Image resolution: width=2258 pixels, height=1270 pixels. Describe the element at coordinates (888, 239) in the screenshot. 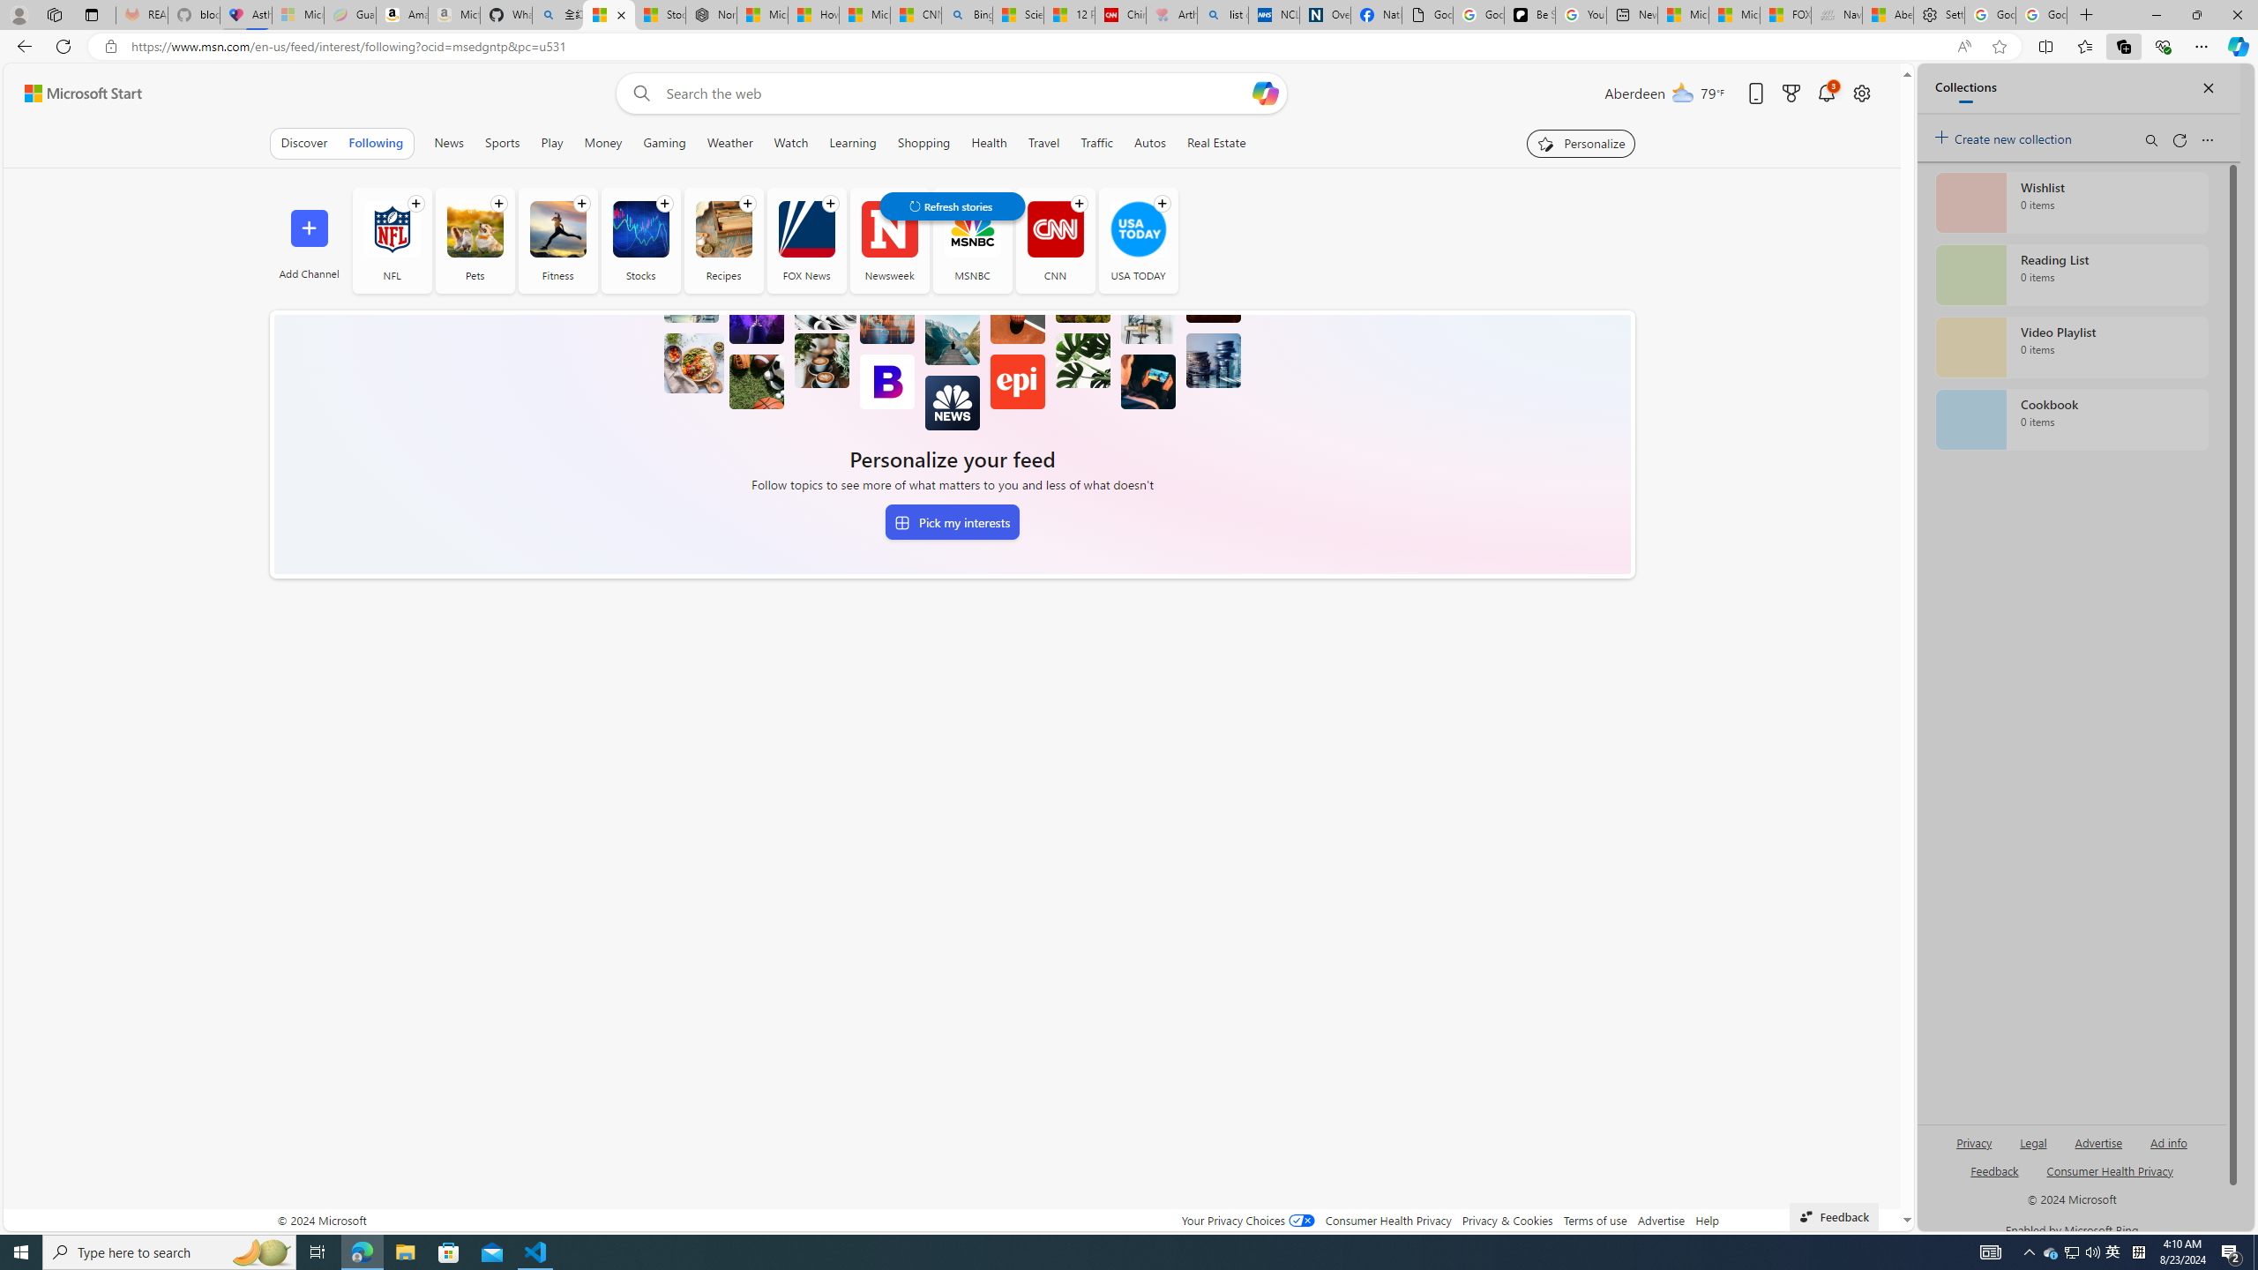

I see `'Newsweek'` at that location.